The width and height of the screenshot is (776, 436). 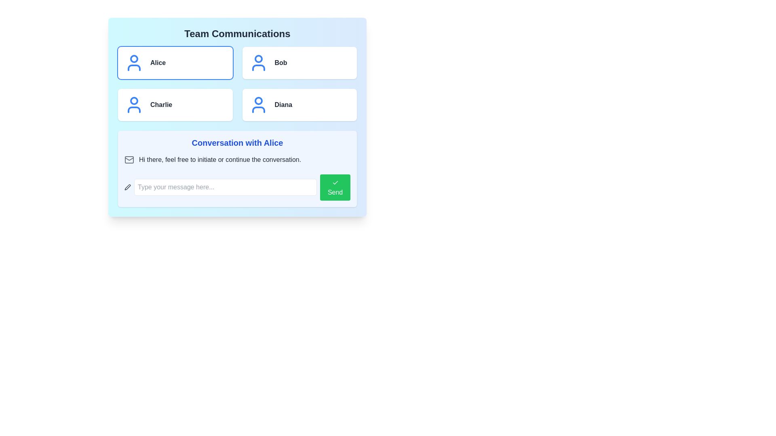 What do you see at coordinates (299, 62) in the screenshot?
I see `the second selectable card in the list of user profiles under 'Team Communications'` at bounding box center [299, 62].